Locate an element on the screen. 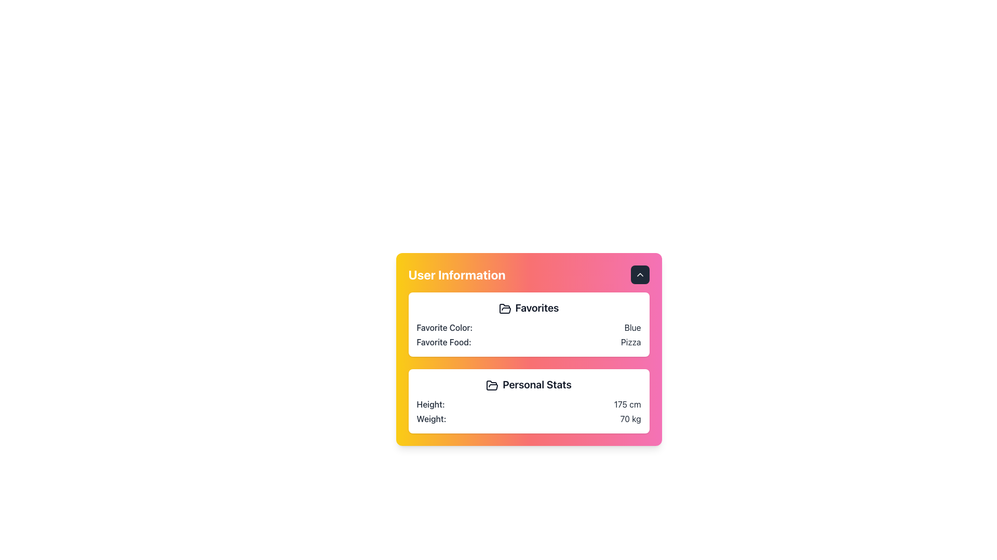 The height and width of the screenshot is (560, 997). the square button with a dark gray background and rounded corners, featuring a white upward-pointing chevron icon, located at the top-right corner of the 'User Information' card is located at coordinates (639, 274).